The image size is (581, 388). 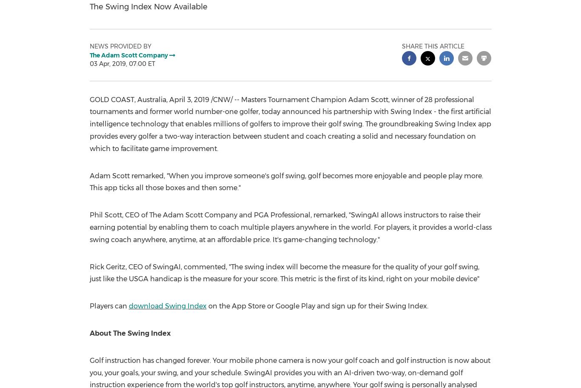 What do you see at coordinates (203, 266) in the screenshot?
I see `'commented'` at bounding box center [203, 266].